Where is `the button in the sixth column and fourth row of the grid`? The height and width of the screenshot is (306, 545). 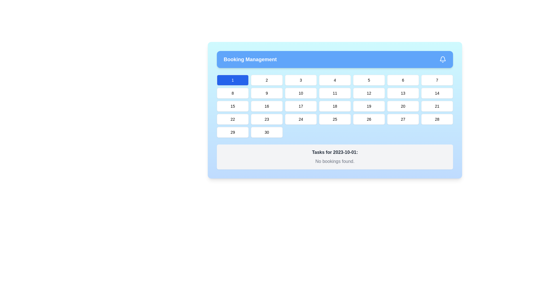 the button in the sixth column and fourth row of the grid is located at coordinates (403, 119).